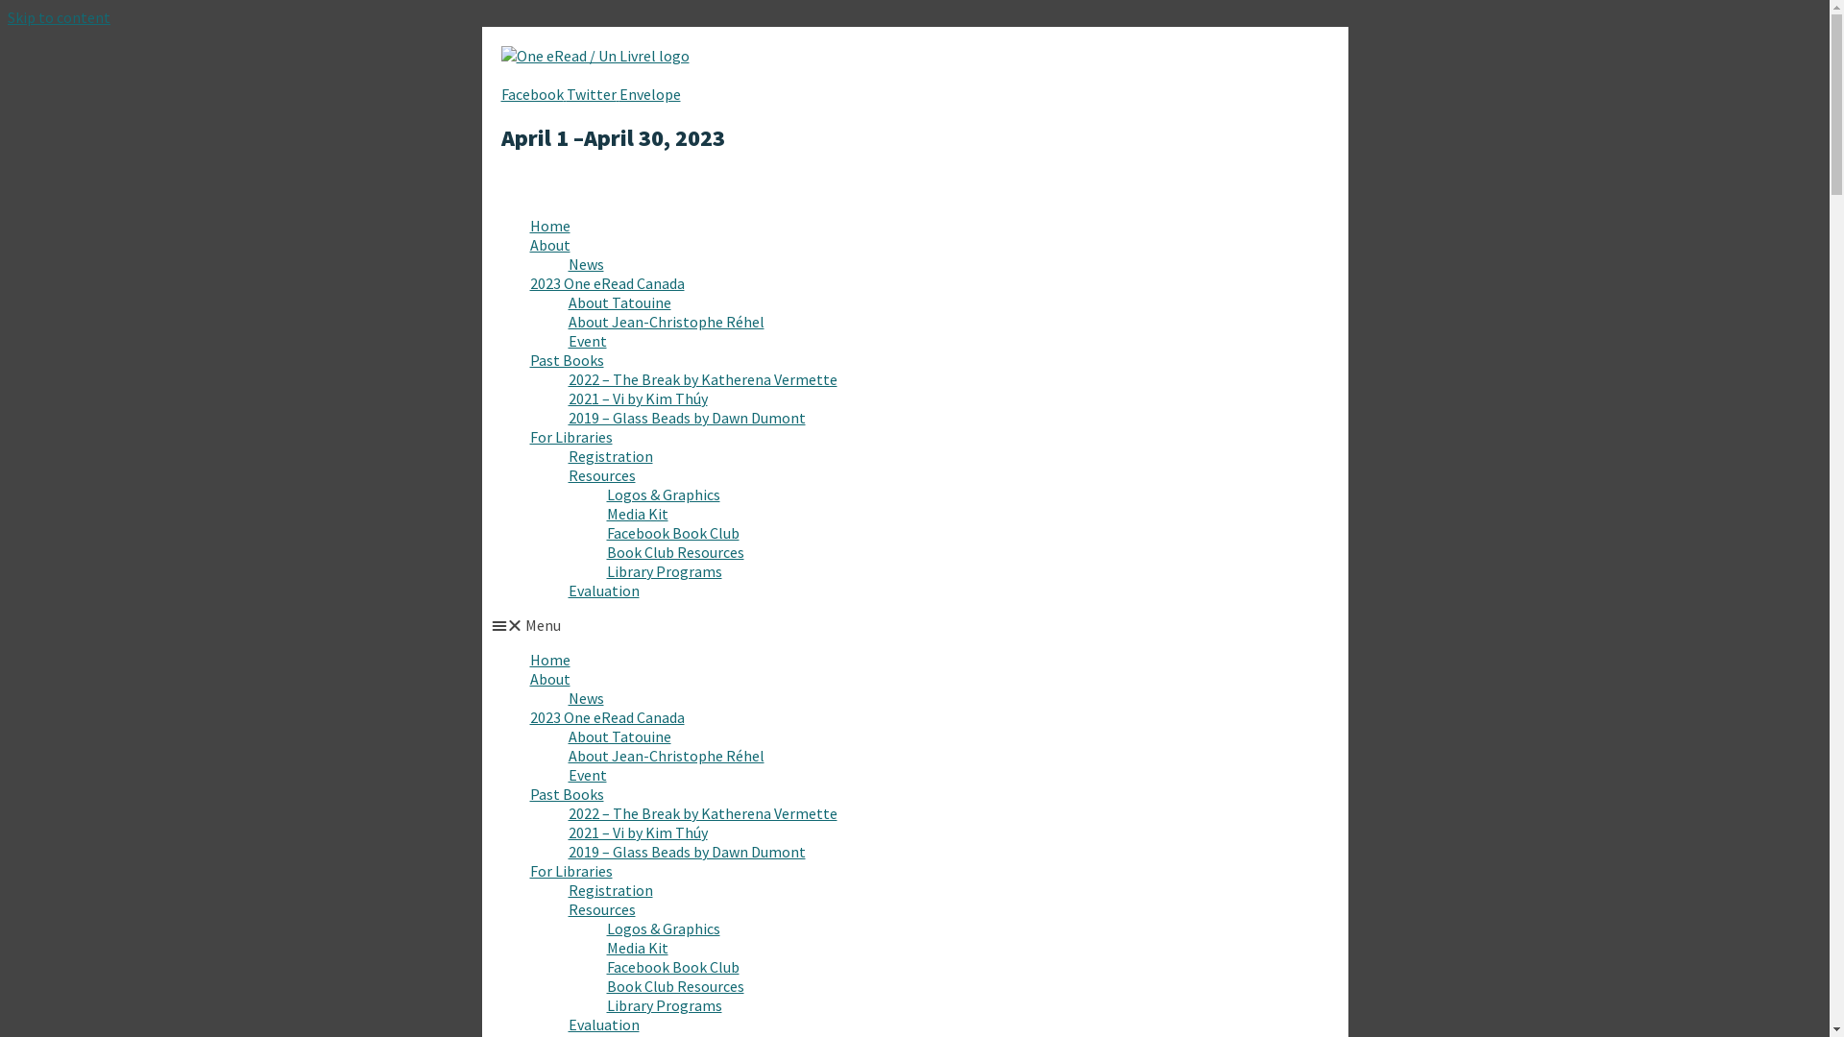 This screenshot has height=1037, width=1844. Describe the element at coordinates (619, 302) in the screenshot. I see `'About Tatouine'` at that location.